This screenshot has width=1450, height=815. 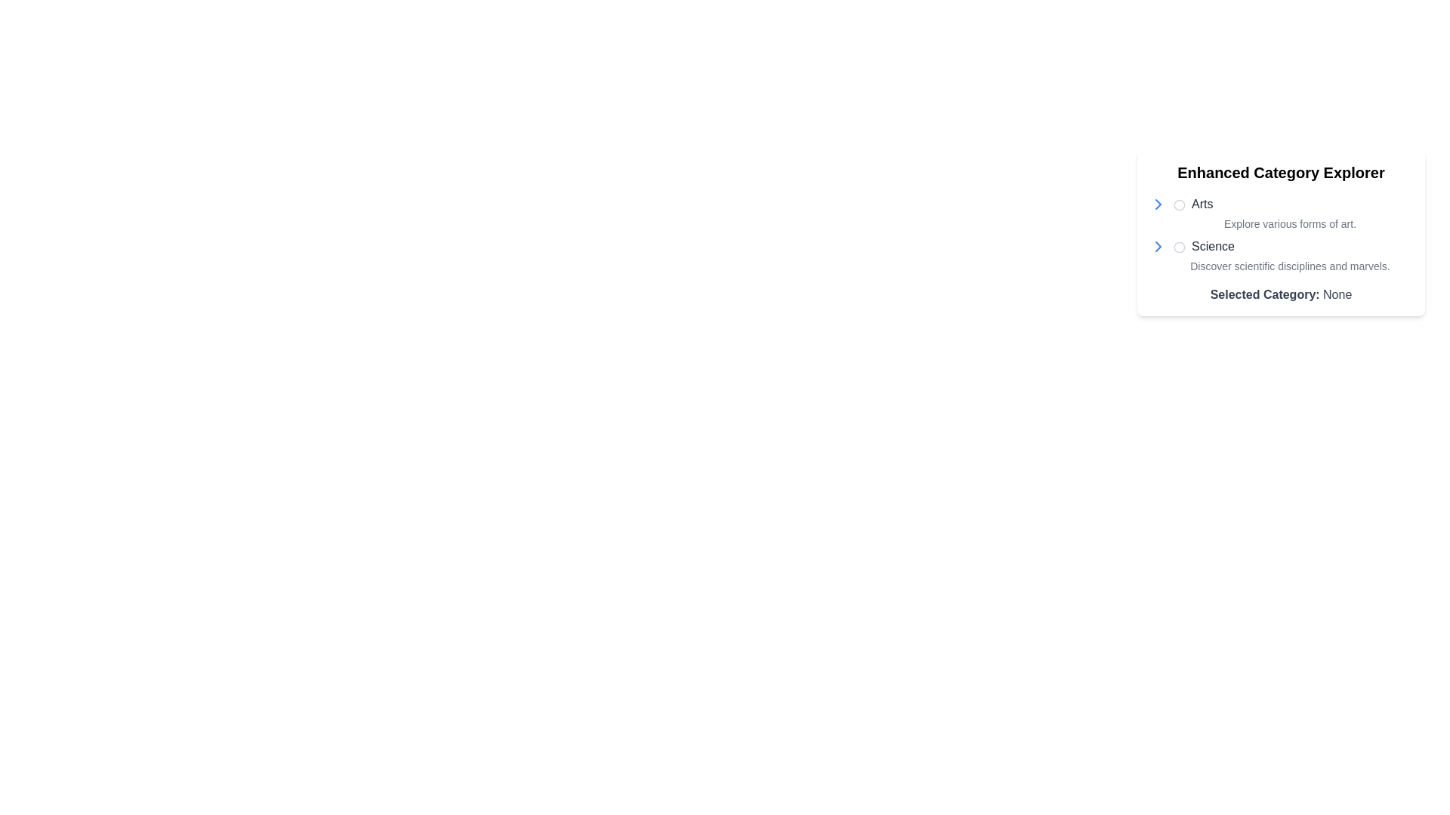 I want to click on the interactive button located to the left of the text 'Arts', so click(x=1158, y=204).